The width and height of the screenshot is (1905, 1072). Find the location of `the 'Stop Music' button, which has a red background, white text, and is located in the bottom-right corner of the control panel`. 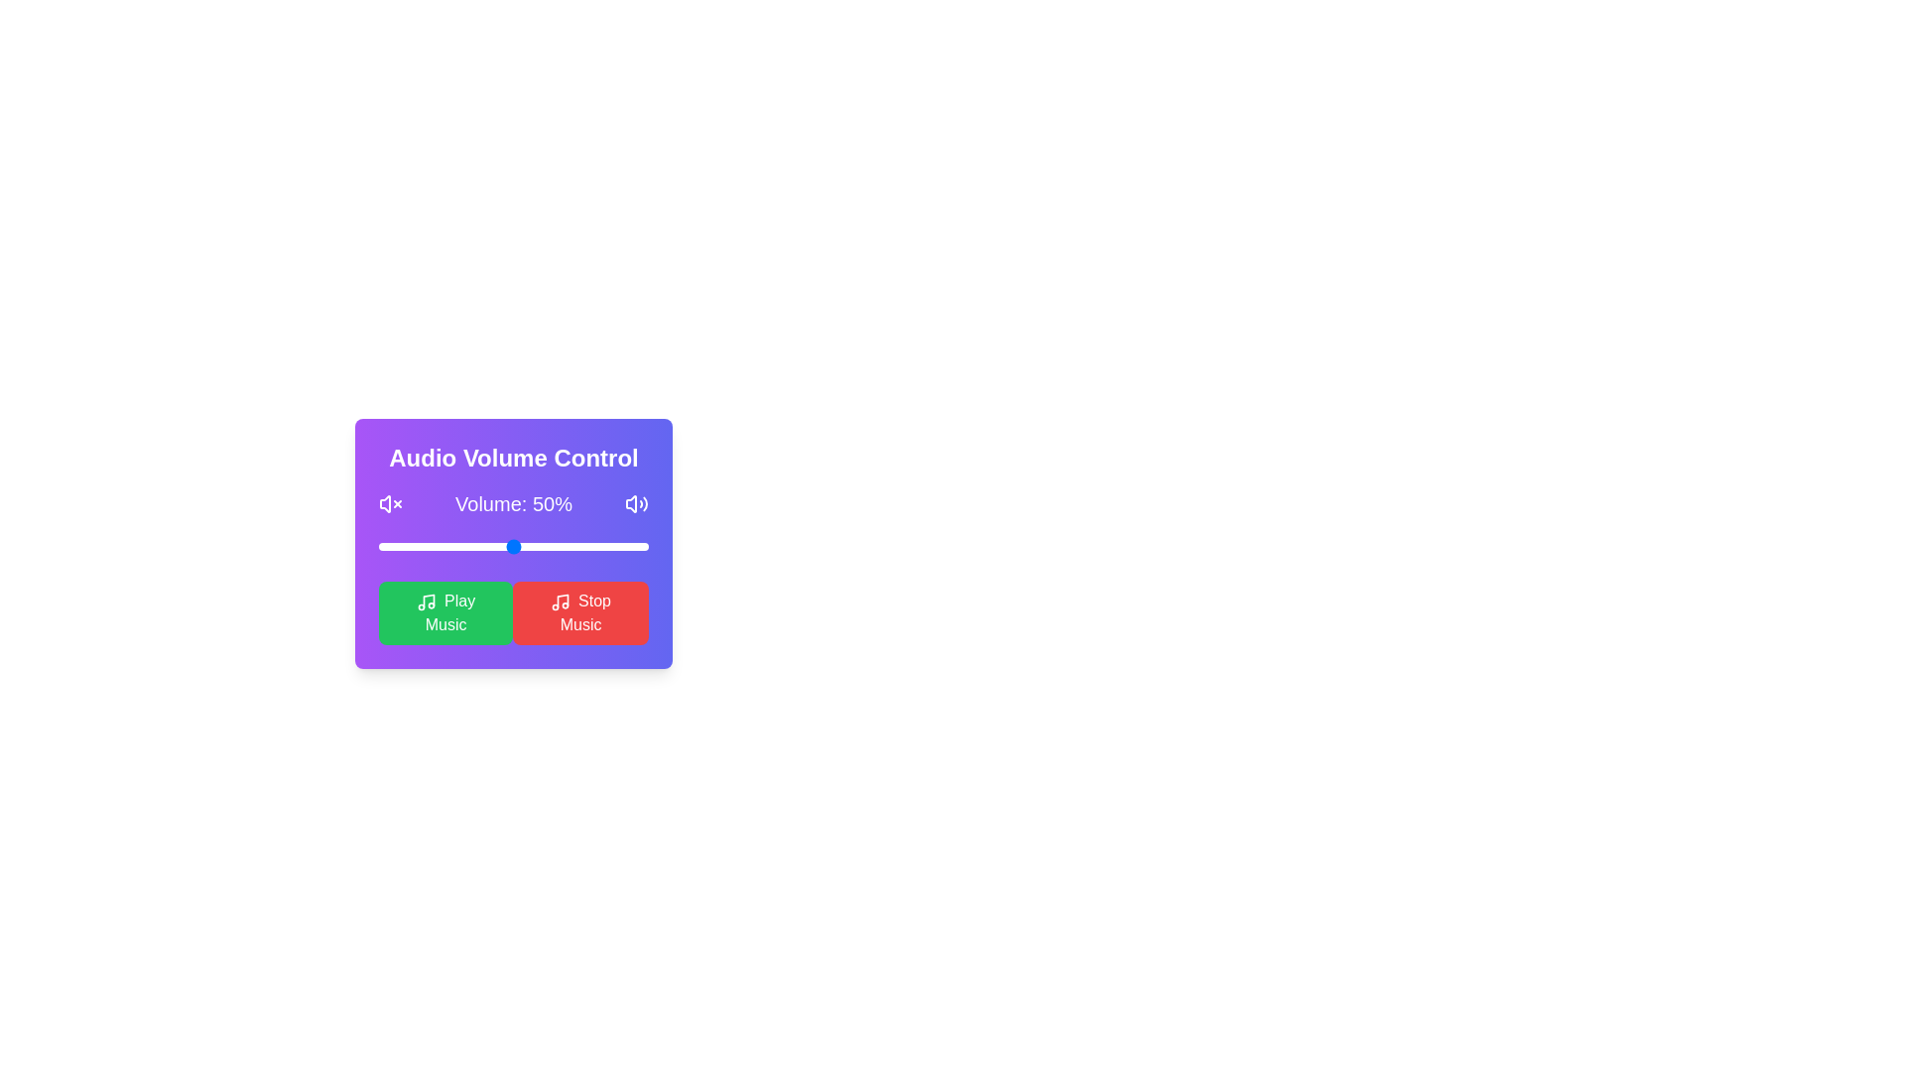

the 'Stop Music' button, which has a red background, white text, and is located in the bottom-right corner of the control panel is located at coordinates (579, 611).